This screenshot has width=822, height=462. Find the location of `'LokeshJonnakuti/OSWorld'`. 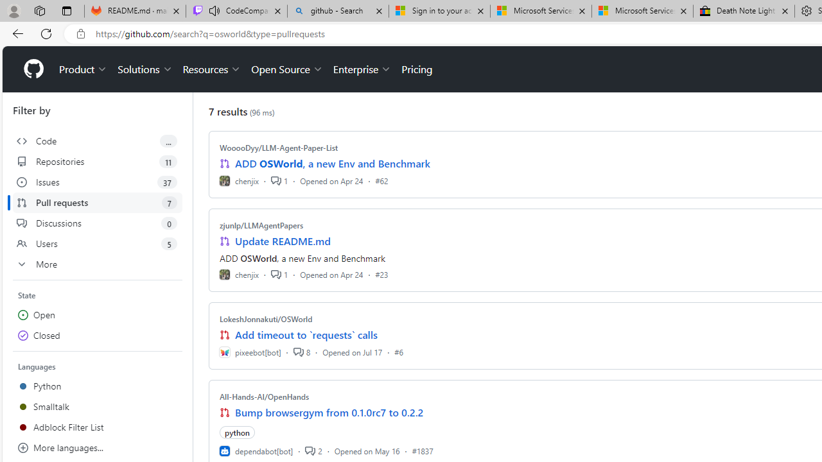

'LokeshJonnakuti/OSWorld' is located at coordinates (265, 318).